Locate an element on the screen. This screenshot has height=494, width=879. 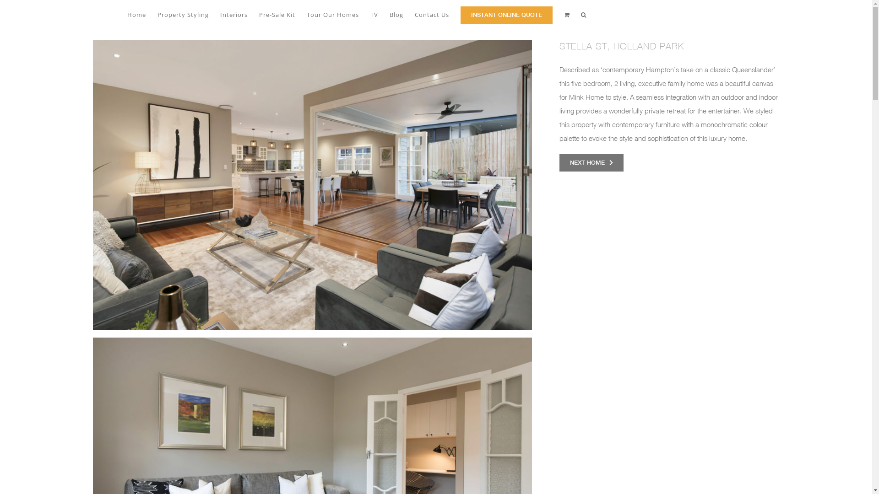
'Blog' is located at coordinates (396, 14).